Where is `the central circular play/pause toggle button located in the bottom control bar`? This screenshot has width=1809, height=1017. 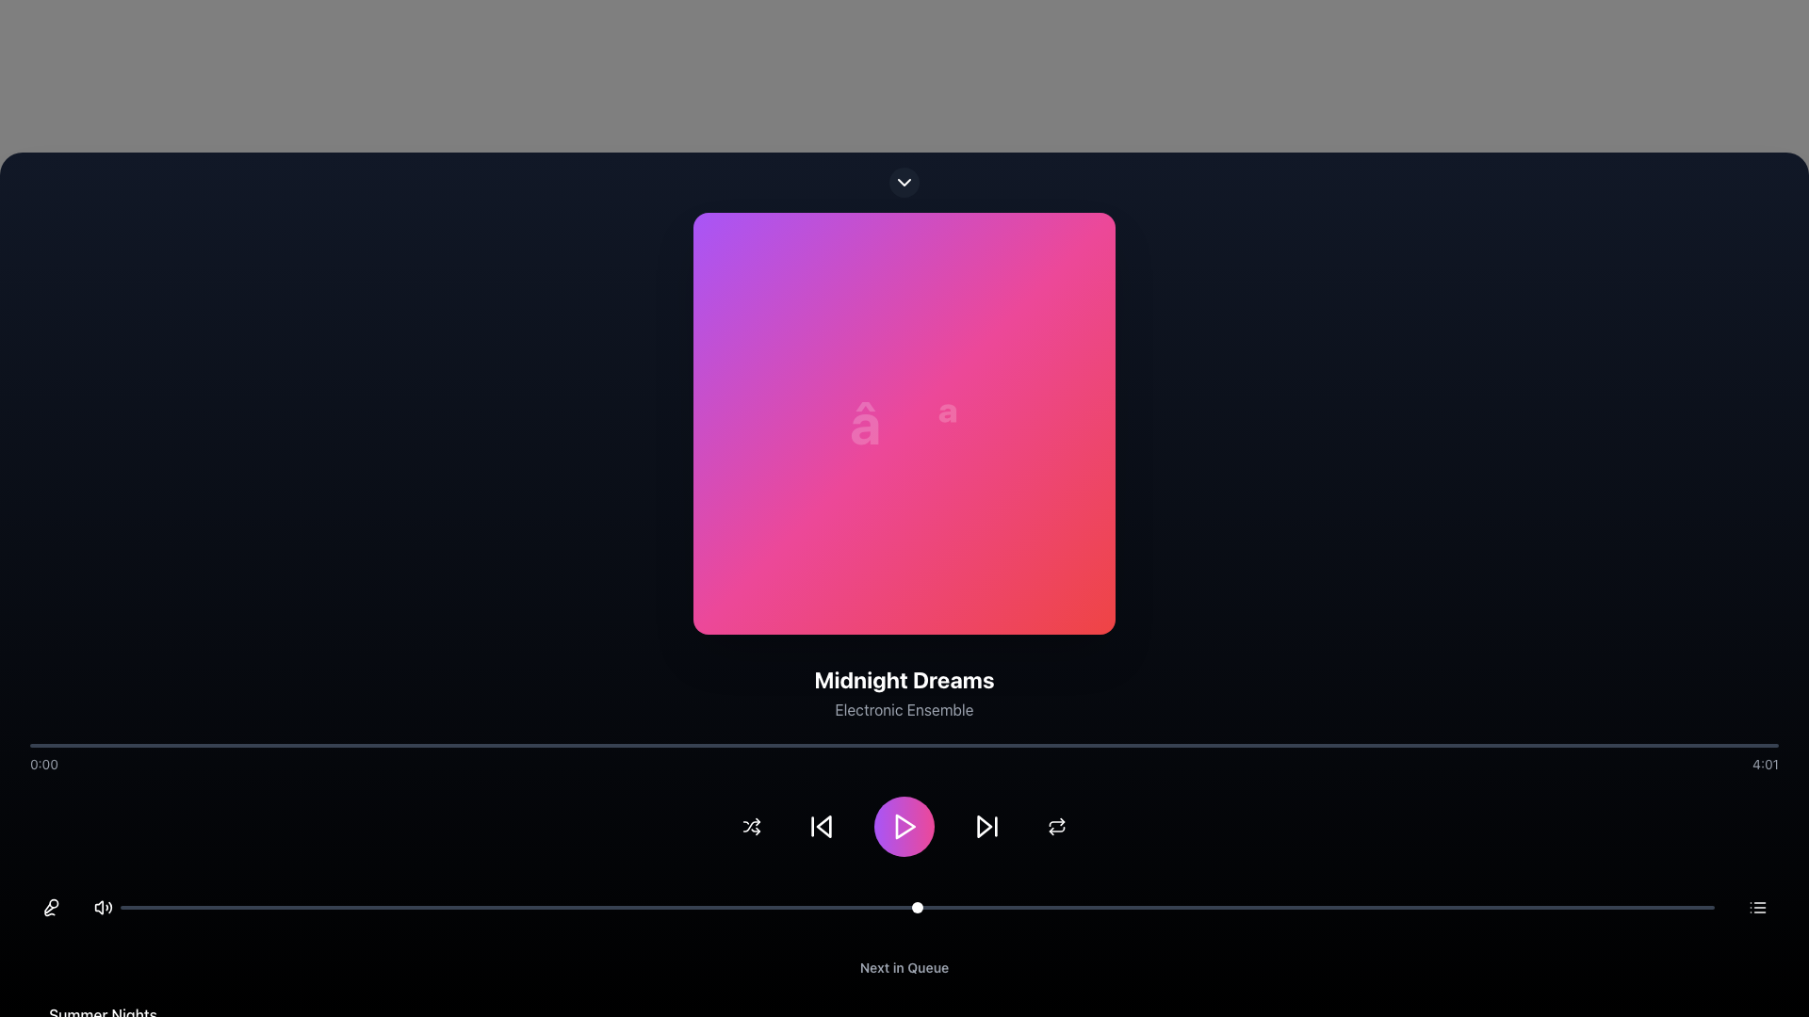
the central circular play/pause toggle button located in the bottom control bar is located at coordinates (904, 826).